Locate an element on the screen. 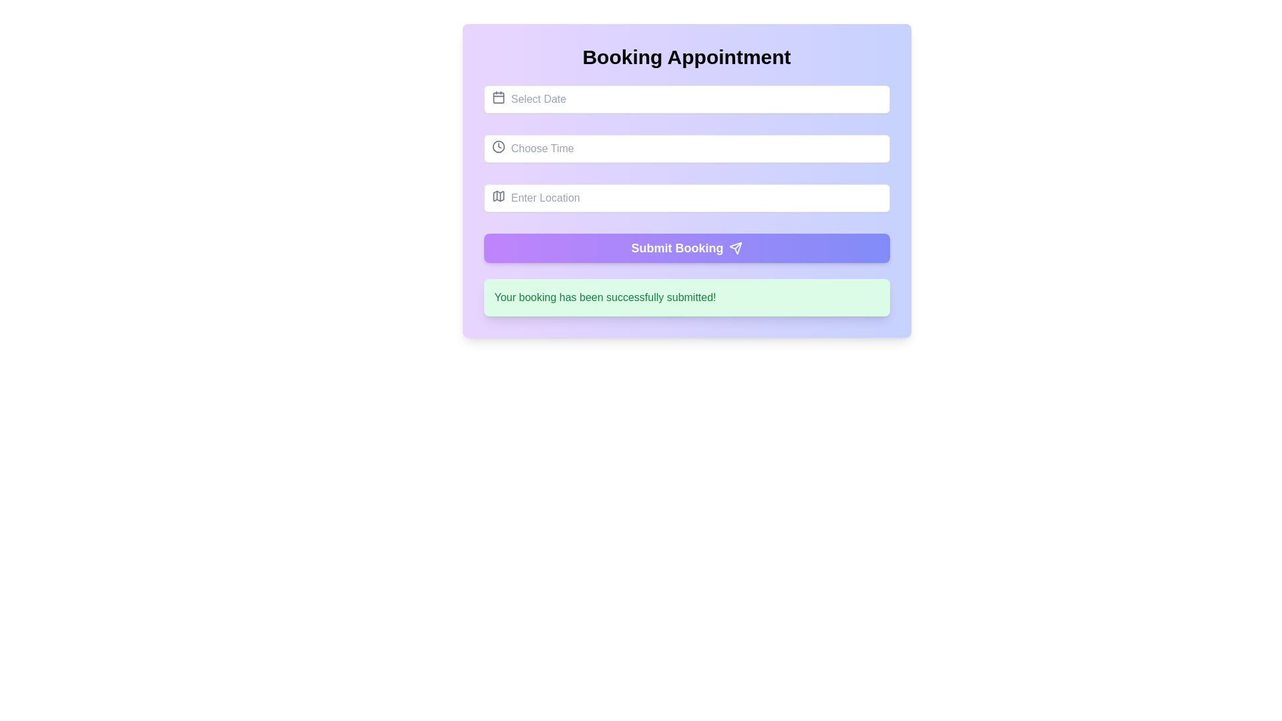 The image size is (1282, 721). a date using the calendar interface in the text input field labeled 'Select Date', which is styled with rounded corners and is positioned at the top of the form titled 'Booking Appointment' is located at coordinates (686, 99).